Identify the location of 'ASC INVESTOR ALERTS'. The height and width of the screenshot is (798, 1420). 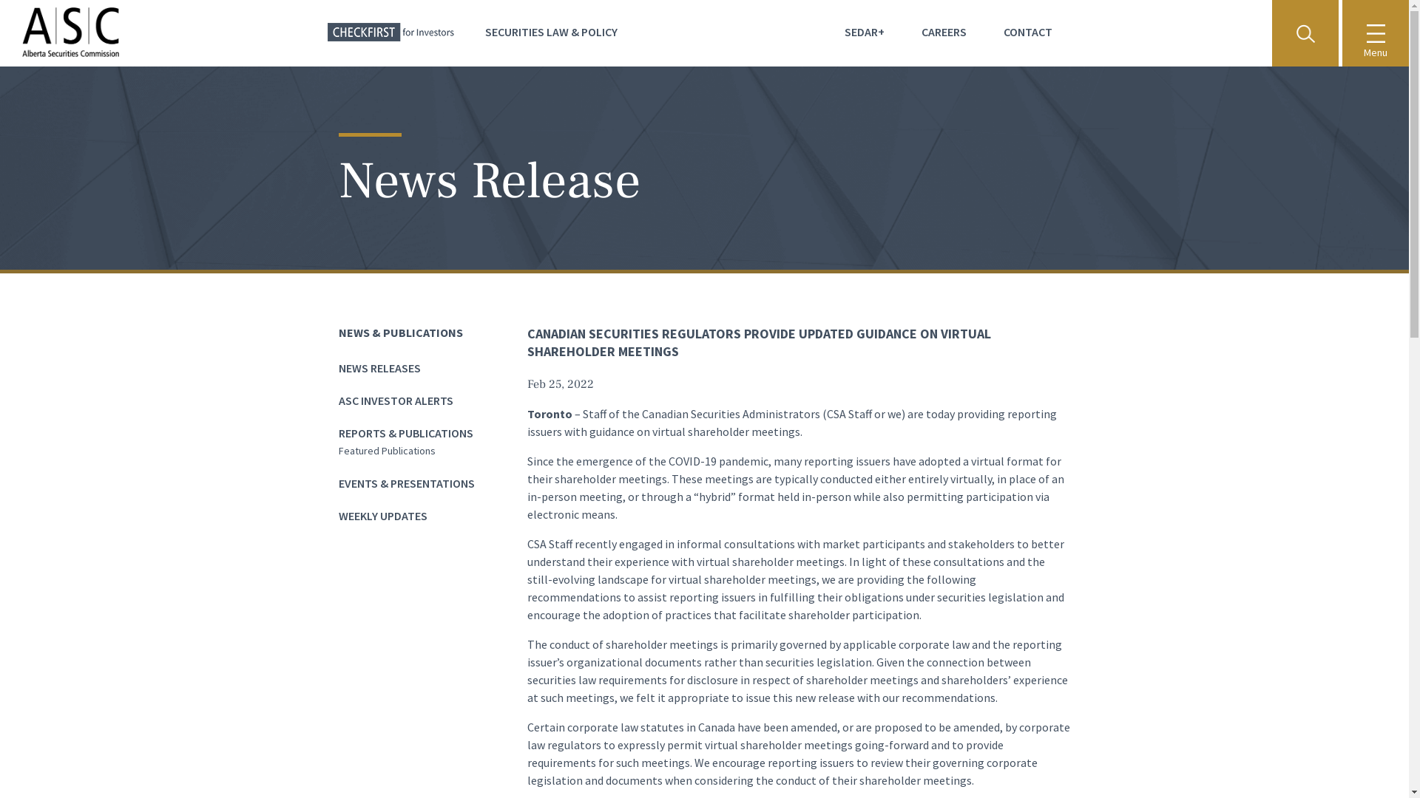
(396, 400).